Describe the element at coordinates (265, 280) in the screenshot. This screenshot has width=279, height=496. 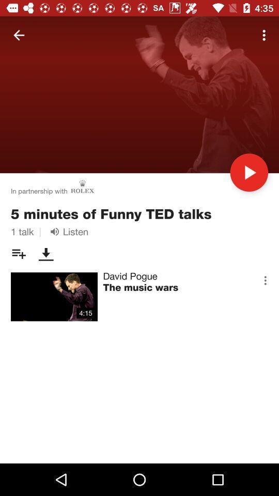
I see `the icon next to the david pogue item` at that location.